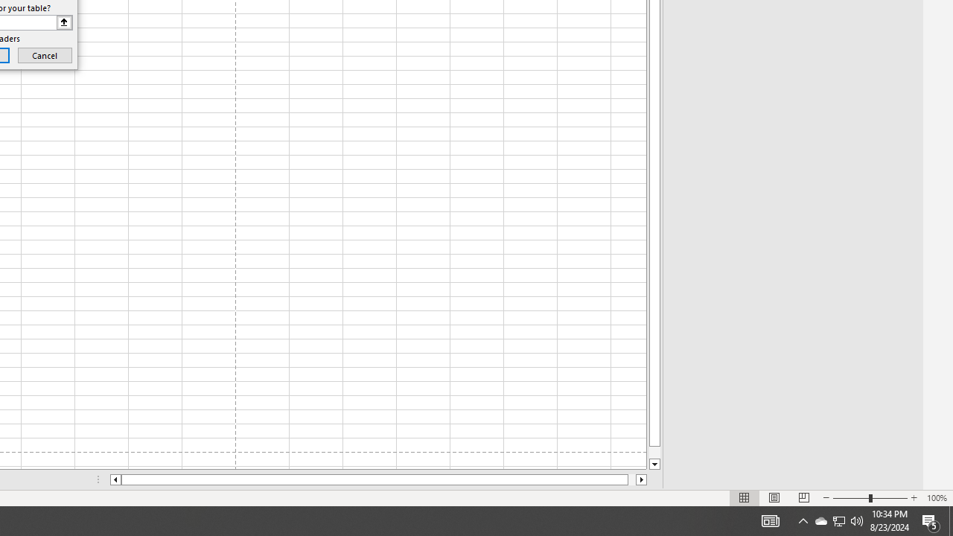 This screenshot has height=536, width=953. Describe the element at coordinates (745, 498) in the screenshot. I see `'Normal'` at that location.